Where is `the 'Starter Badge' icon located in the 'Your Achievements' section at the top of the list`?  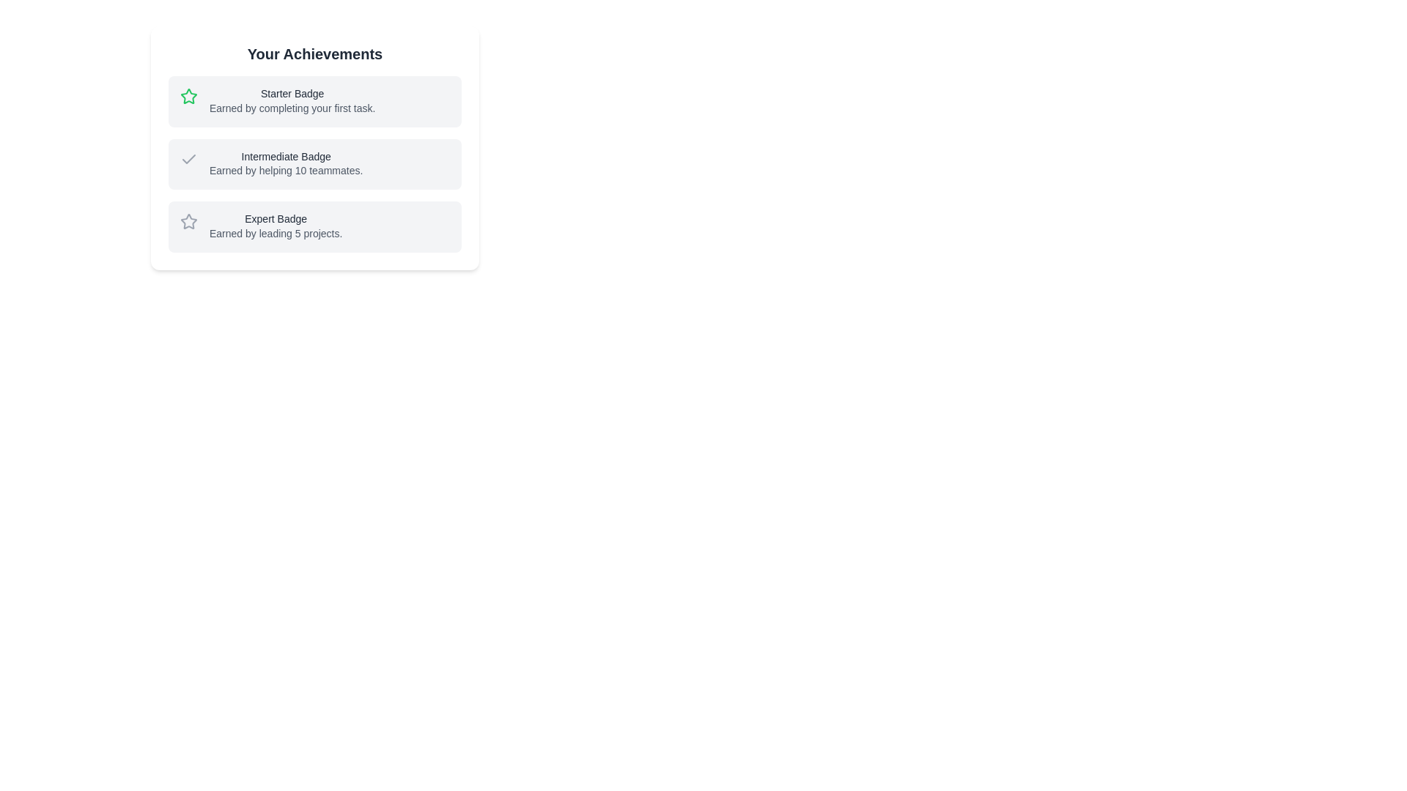
the 'Starter Badge' icon located in the 'Your Achievements' section at the top of the list is located at coordinates (188, 96).